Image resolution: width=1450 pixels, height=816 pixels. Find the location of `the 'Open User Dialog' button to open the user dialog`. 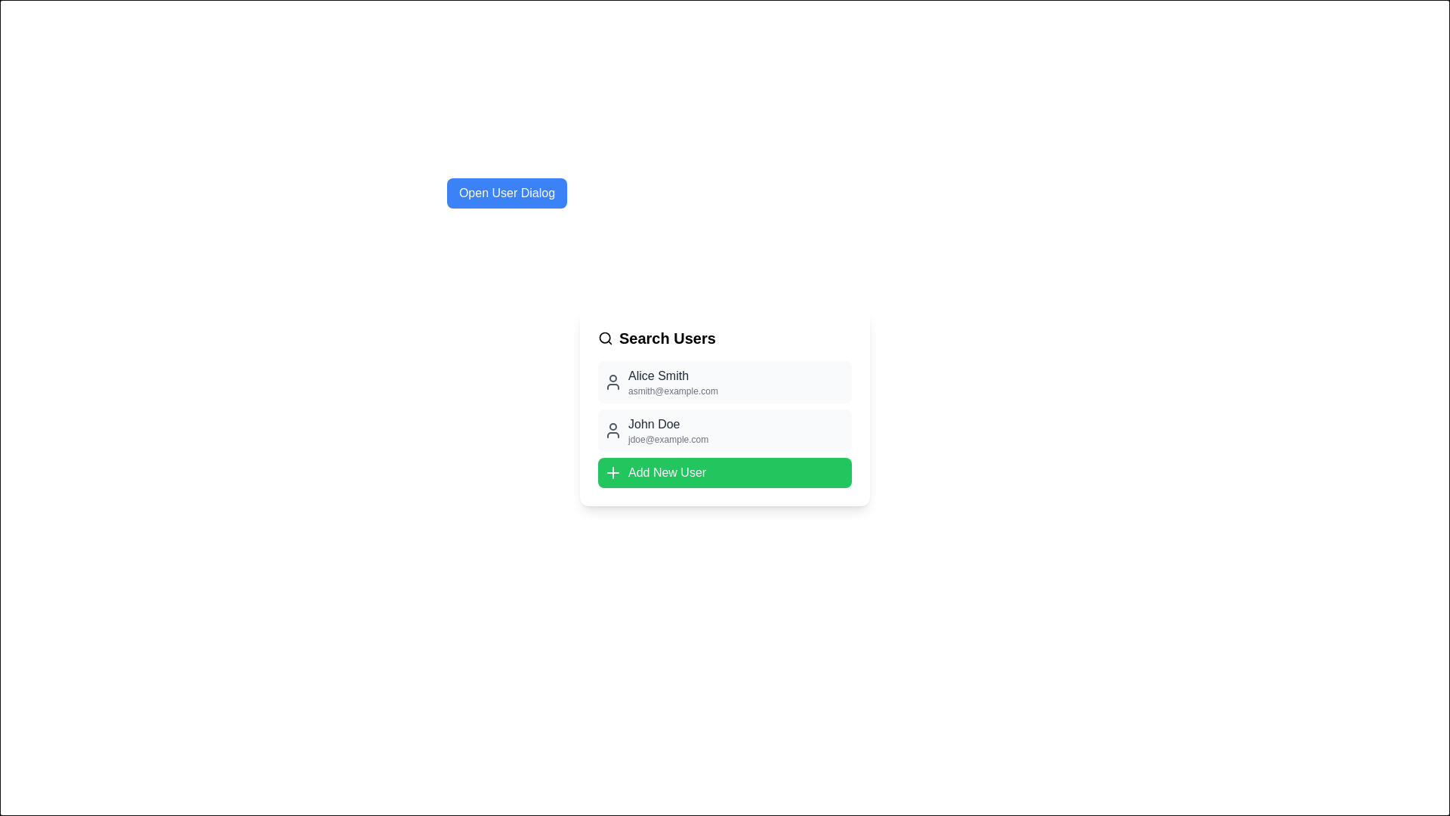

the 'Open User Dialog' button to open the user dialog is located at coordinates (507, 192).